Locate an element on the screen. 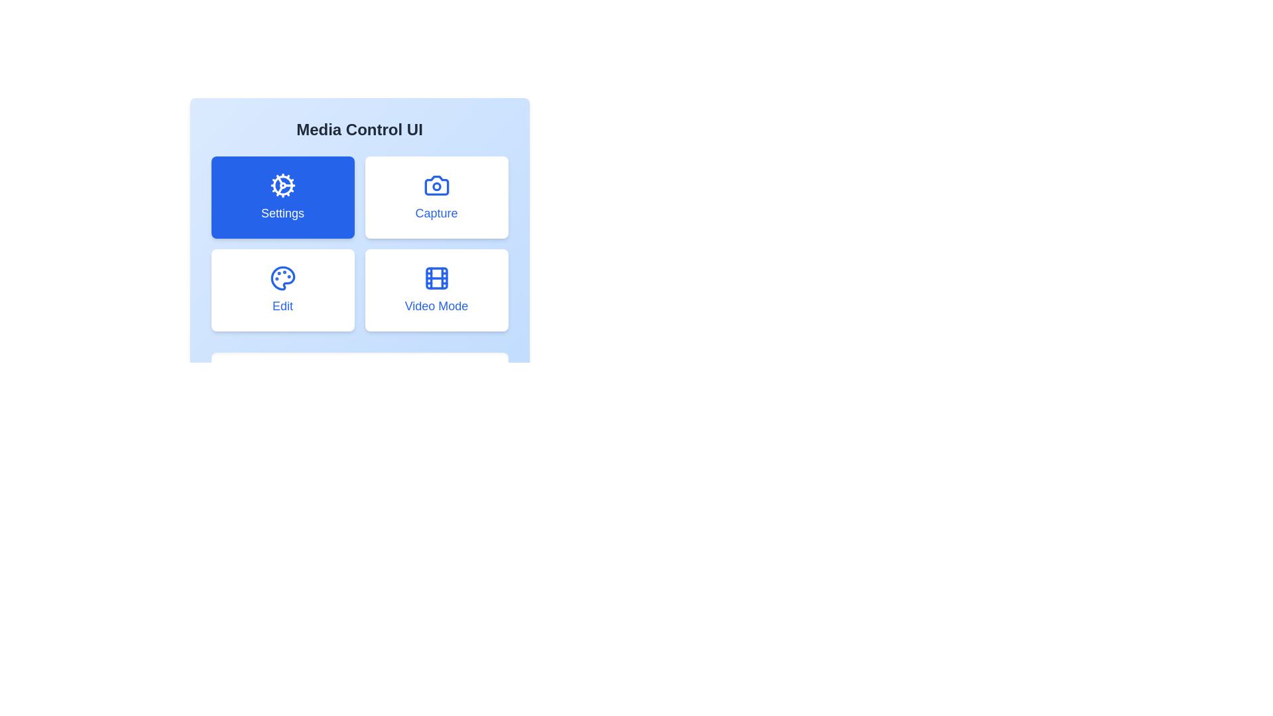 Image resolution: width=1273 pixels, height=716 pixels. the button corresponding to Edit is located at coordinates (282, 290).